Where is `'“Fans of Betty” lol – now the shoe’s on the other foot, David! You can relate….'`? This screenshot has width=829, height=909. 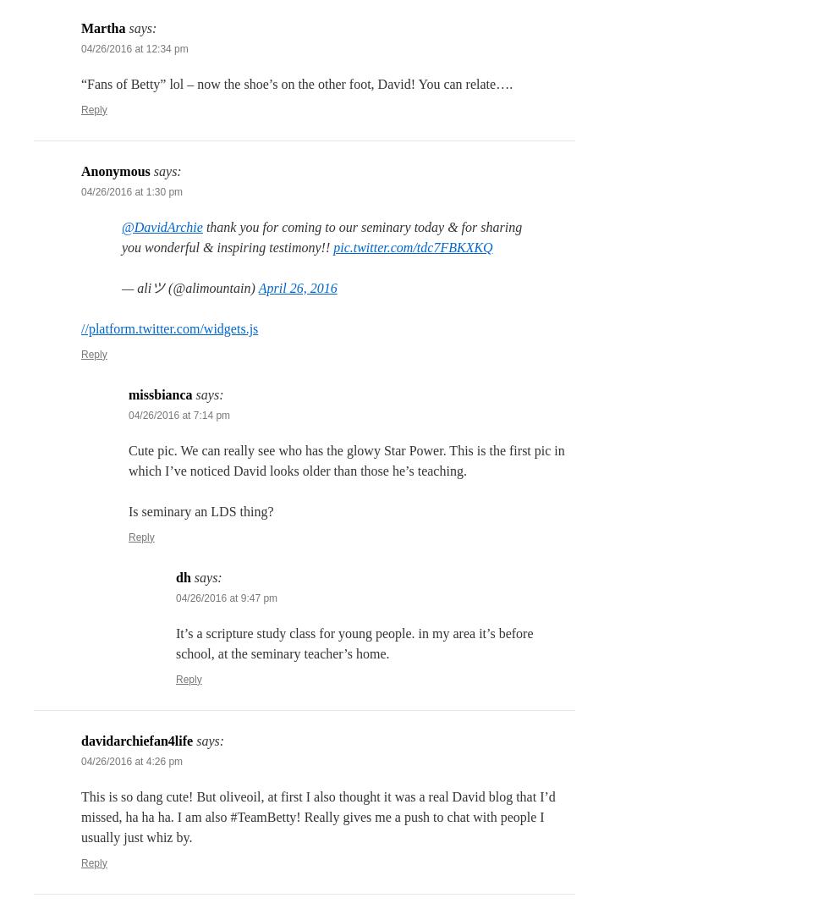 '“Fans of Betty” lol – now the shoe’s on the other foot, David! You can relate….' is located at coordinates (297, 83).